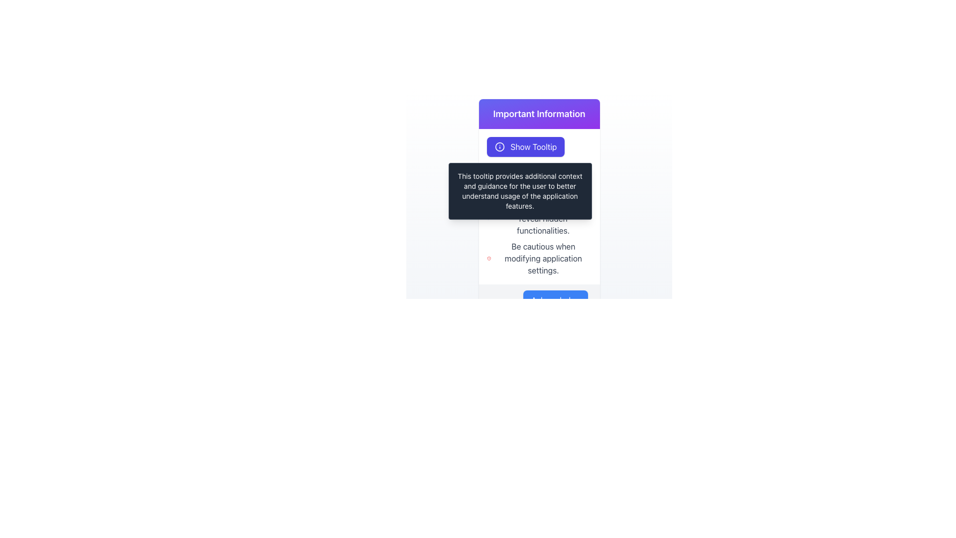 Image resolution: width=956 pixels, height=538 pixels. Describe the element at coordinates (488, 258) in the screenshot. I see `the warning icon located to the left of the text 'Be cautious when modifying application settings'` at that location.